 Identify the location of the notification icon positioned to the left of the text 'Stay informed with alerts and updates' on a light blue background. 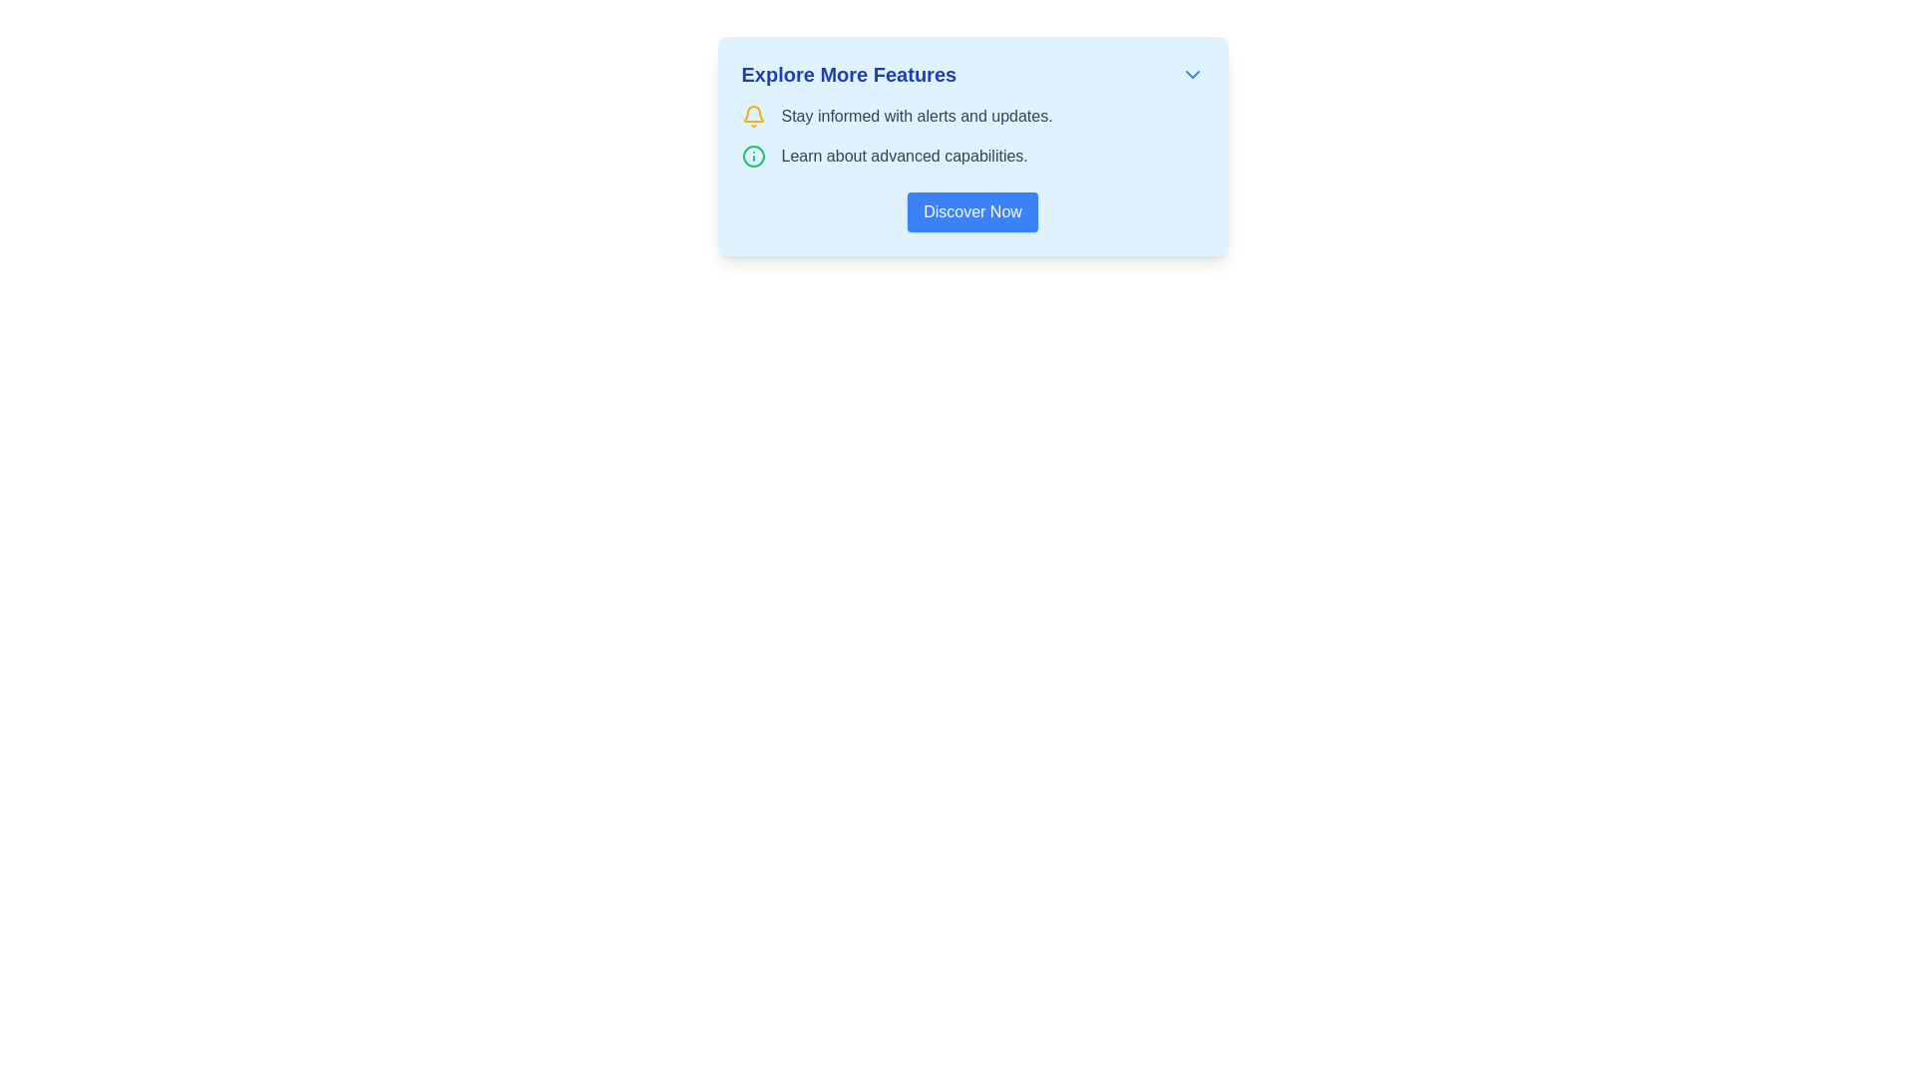
(752, 116).